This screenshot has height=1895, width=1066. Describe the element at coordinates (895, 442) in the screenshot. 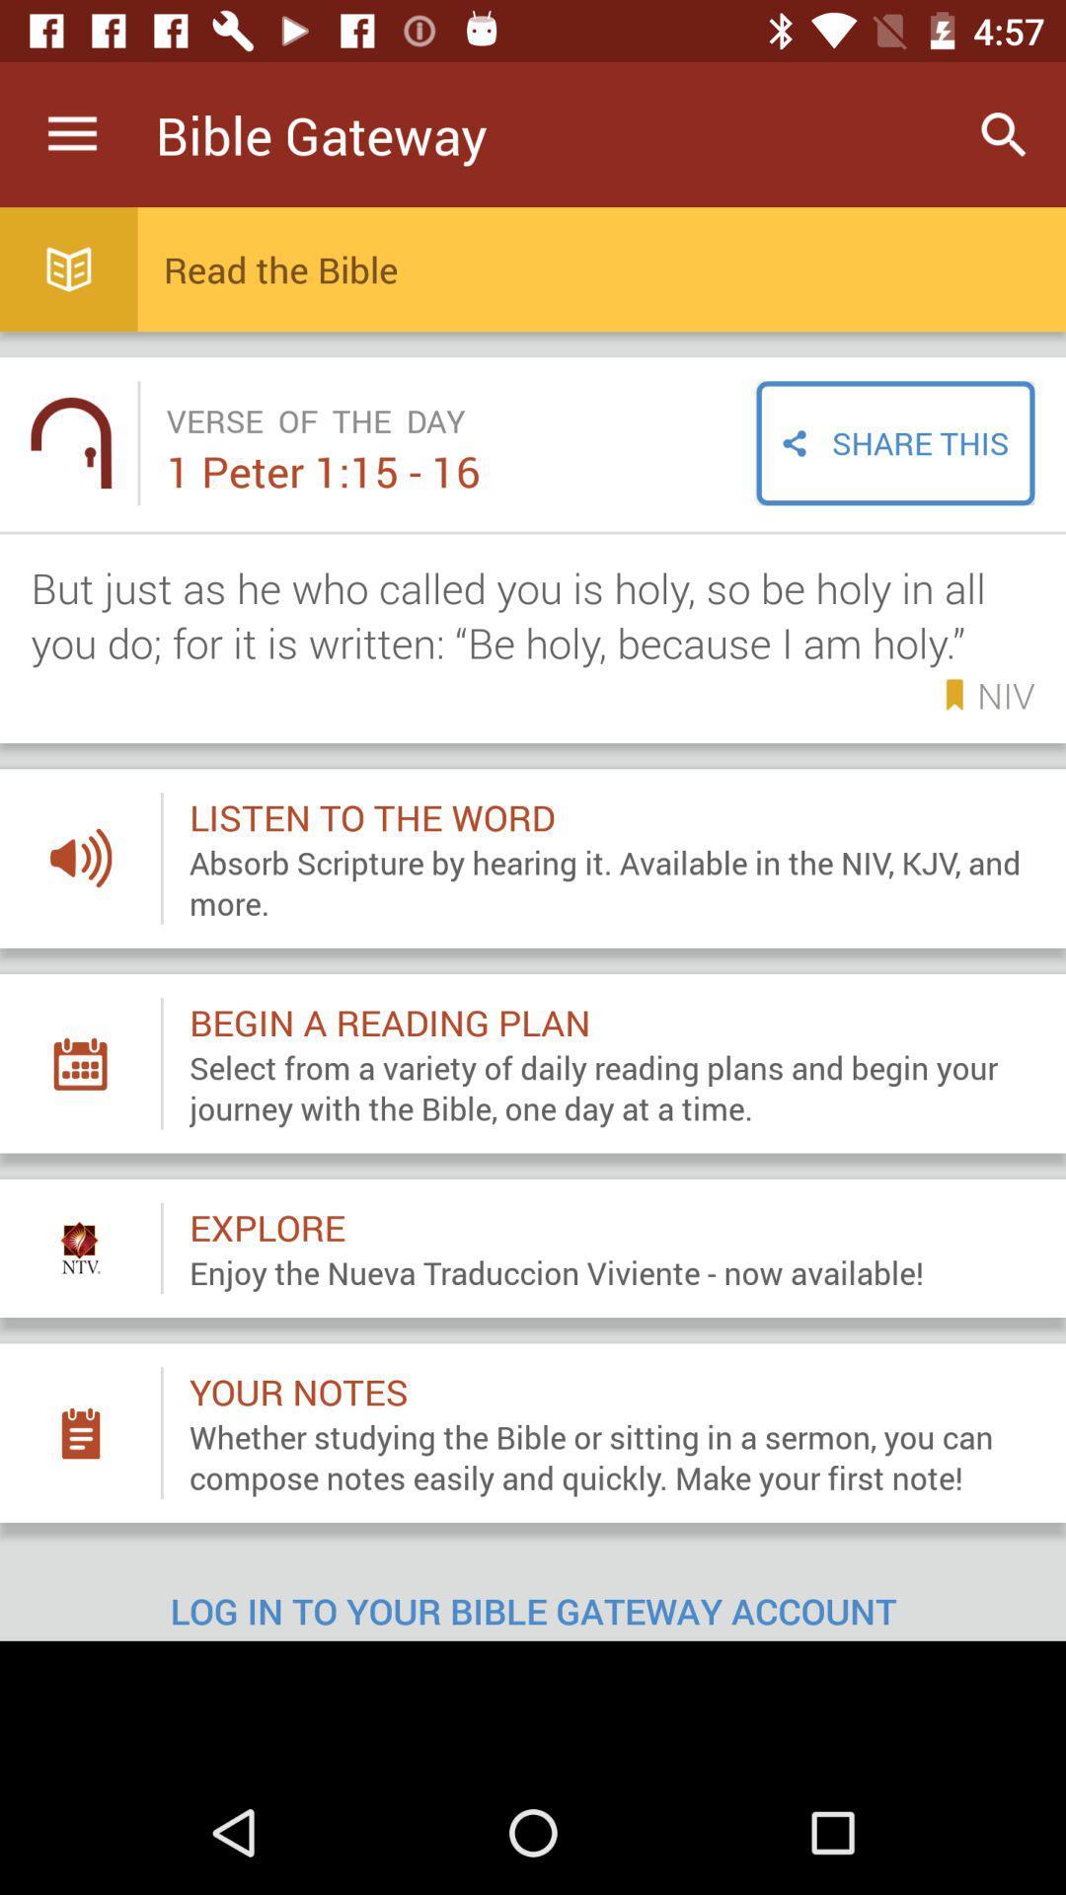

I see `share this item` at that location.